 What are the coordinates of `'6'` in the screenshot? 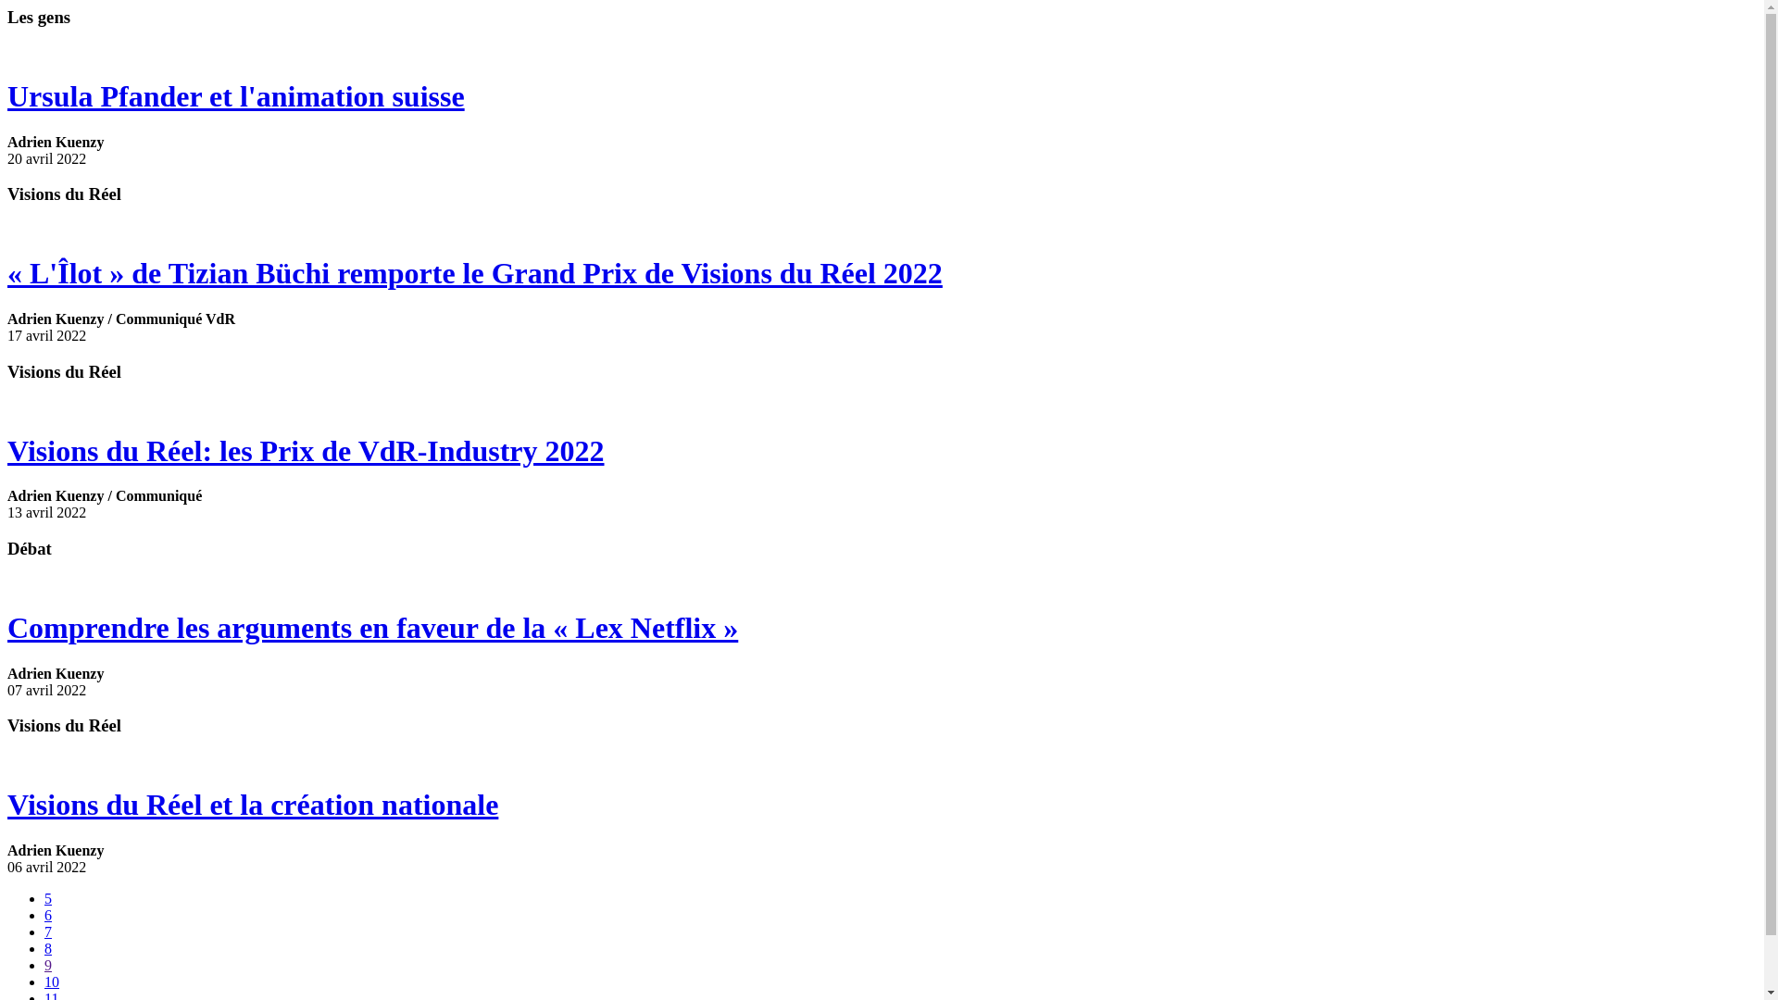 It's located at (44, 914).